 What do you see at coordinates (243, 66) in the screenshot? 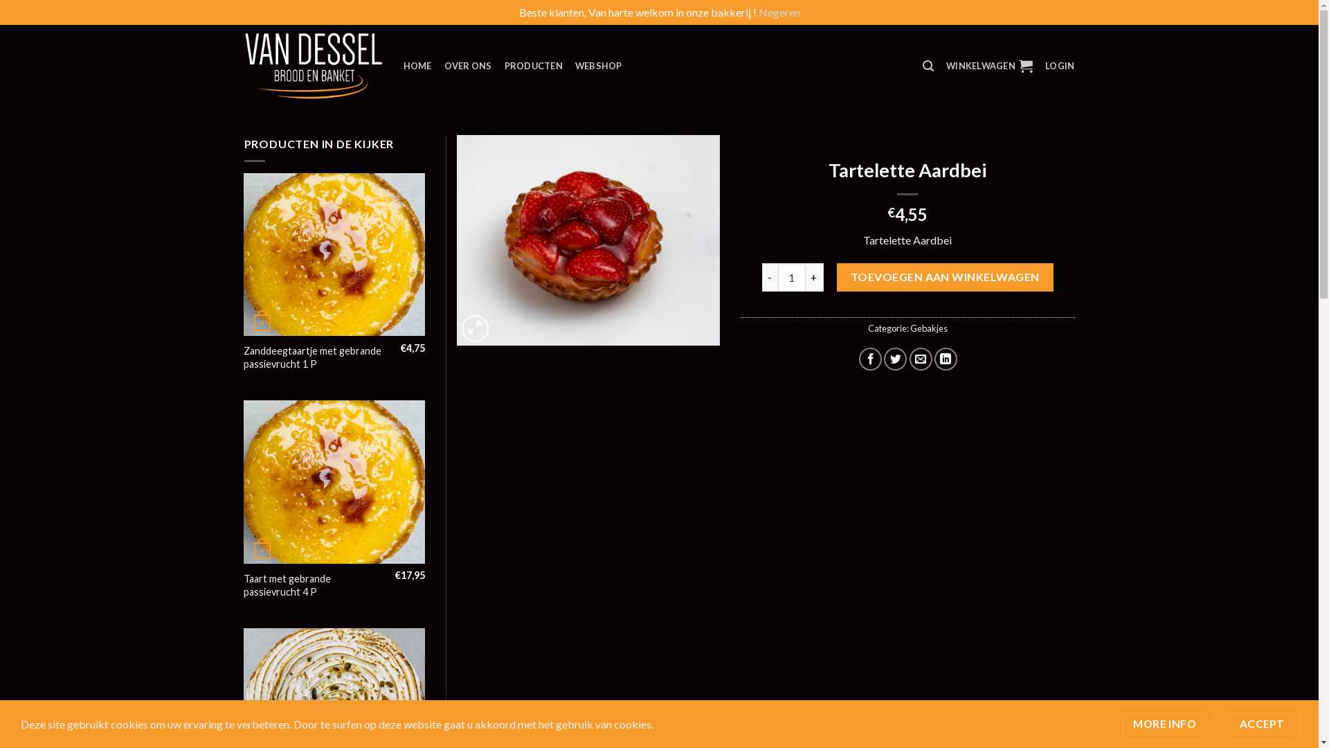
I see `'Bakkerij Van Dessel - Brood en banket op grootvaders wijze'` at bounding box center [243, 66].